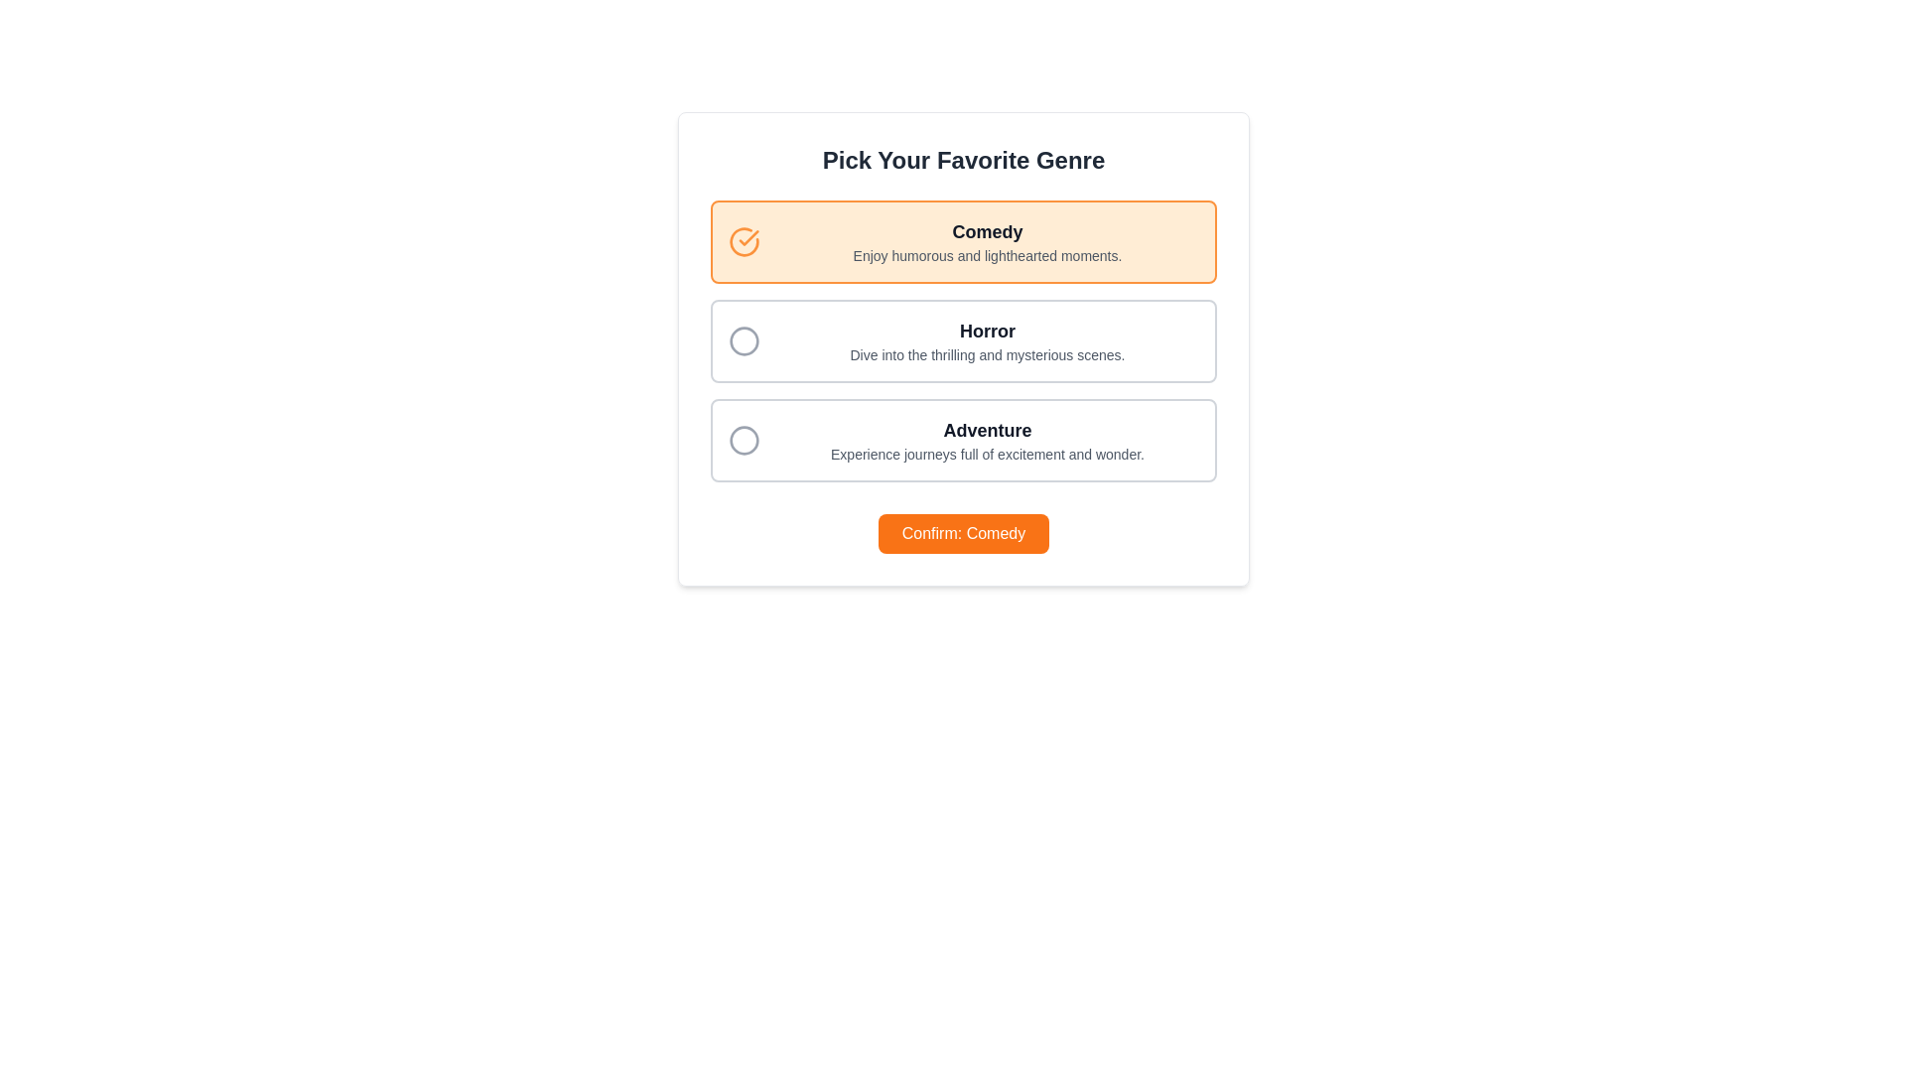  I want to click on the text label providing a title and description for the 'Adventure' choice in the genre selection interface, located in the third card under 'Pick Your Favorite Genre', so click(987, 439).